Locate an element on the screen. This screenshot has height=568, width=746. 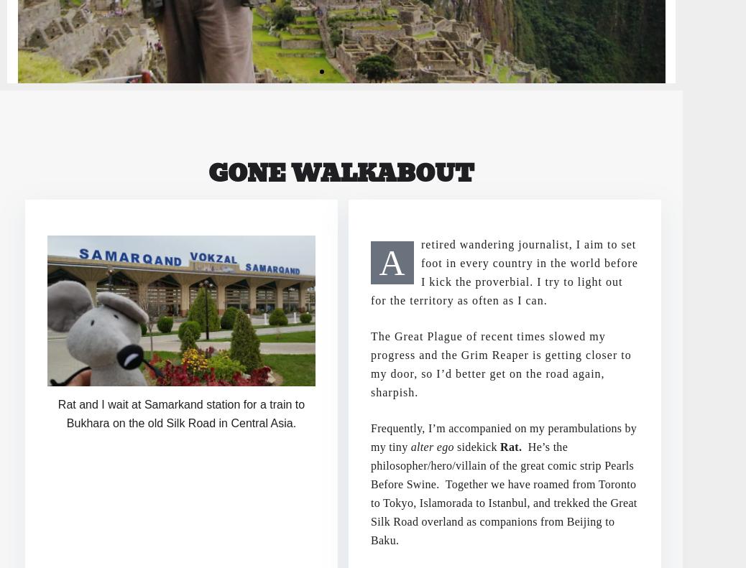
'sidekick' is located at coordinates (453, 445).